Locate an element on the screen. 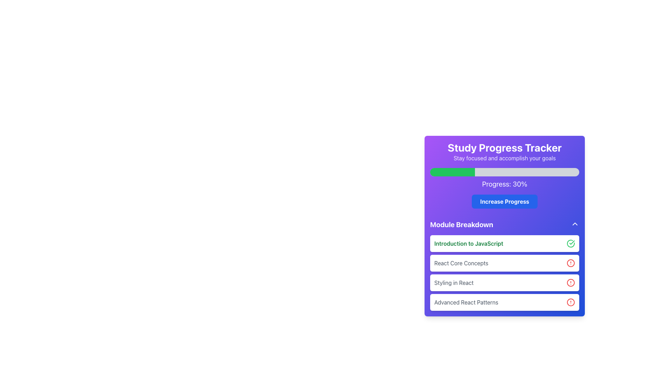 This screenshot has width=672, height=378. the bold, centered header text reading 'Study Progress Tracker', which is styled in white against a purple background, located at the top of the purple section in the interface is located at coordinates (504, 147).